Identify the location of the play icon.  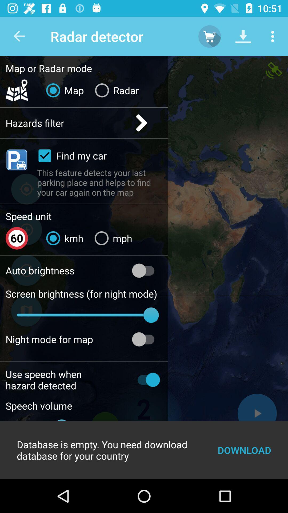
(257, 413).